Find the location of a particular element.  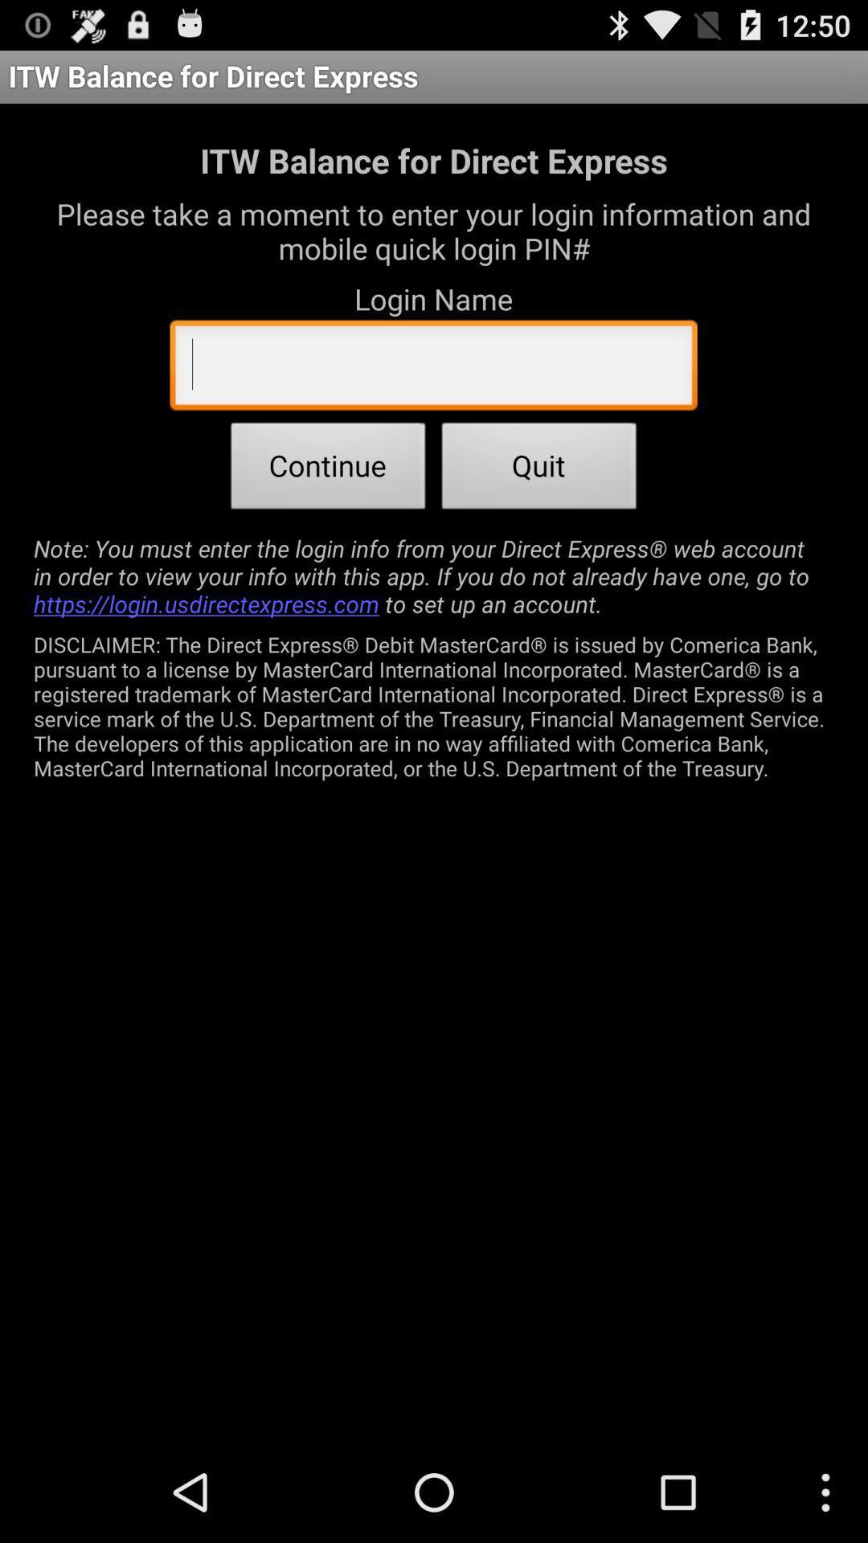

the item next to continue item is located at coordinates (539, 469).